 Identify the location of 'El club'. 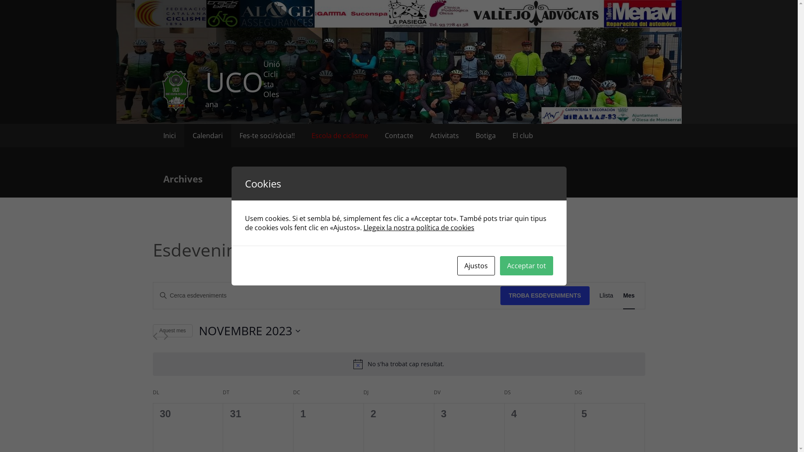
(522, 135).